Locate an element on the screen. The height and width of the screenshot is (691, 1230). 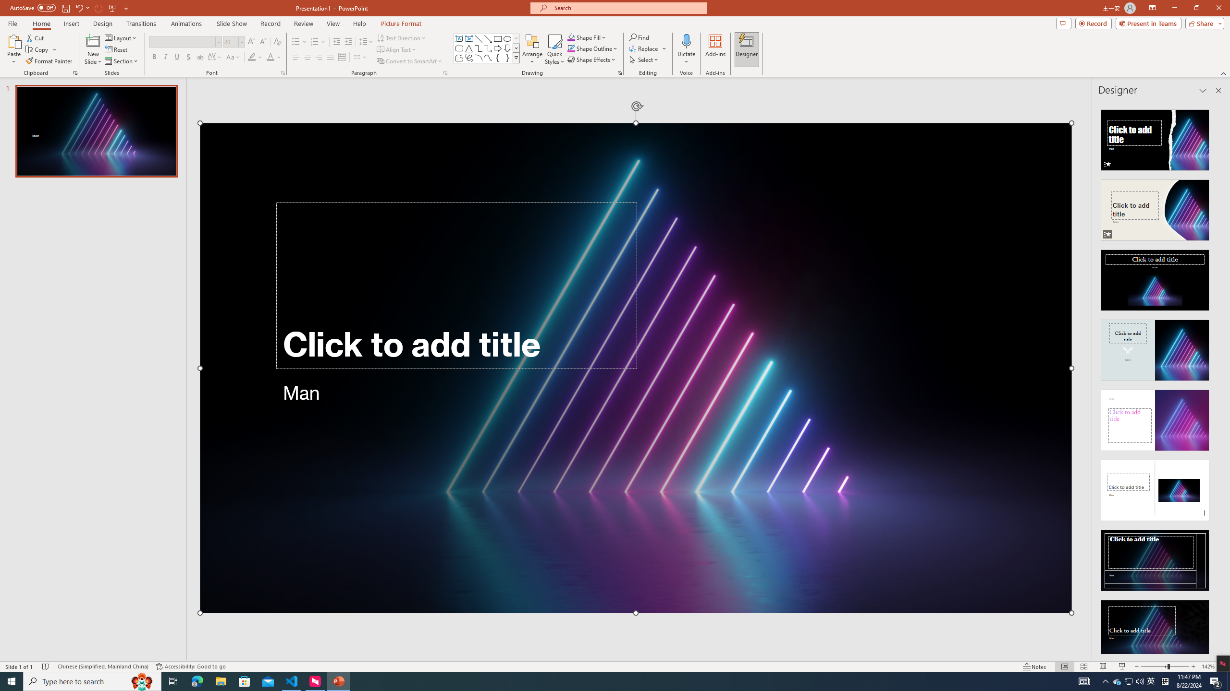
'Zoom 142%' is located at coordinates (1208, 667).